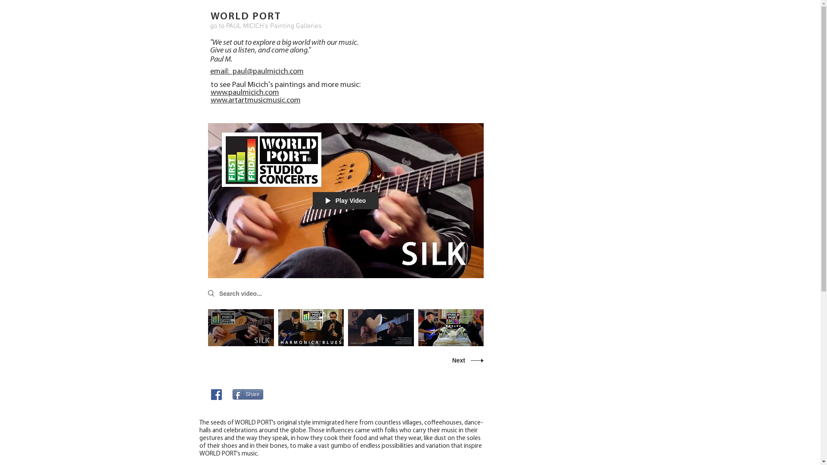  I want to click on 'www.artartmusicmusic.com', so click(255, 100).